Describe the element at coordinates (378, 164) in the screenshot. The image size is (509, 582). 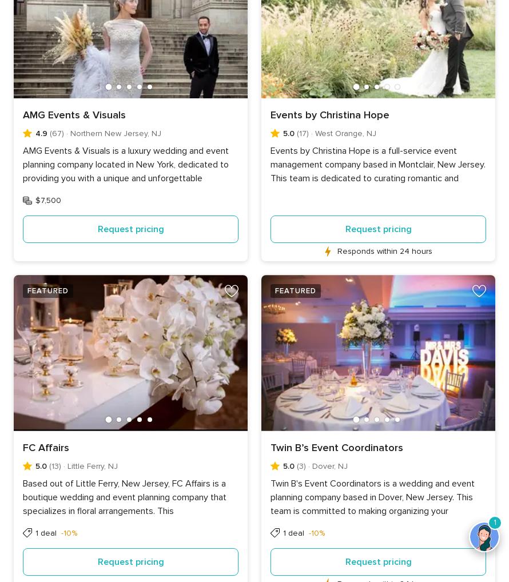
I see `'Events by Christina Hope is a full-service event management company based in Montclair, New Jersey. This team is dedicated to curating romantic and'` at that location.